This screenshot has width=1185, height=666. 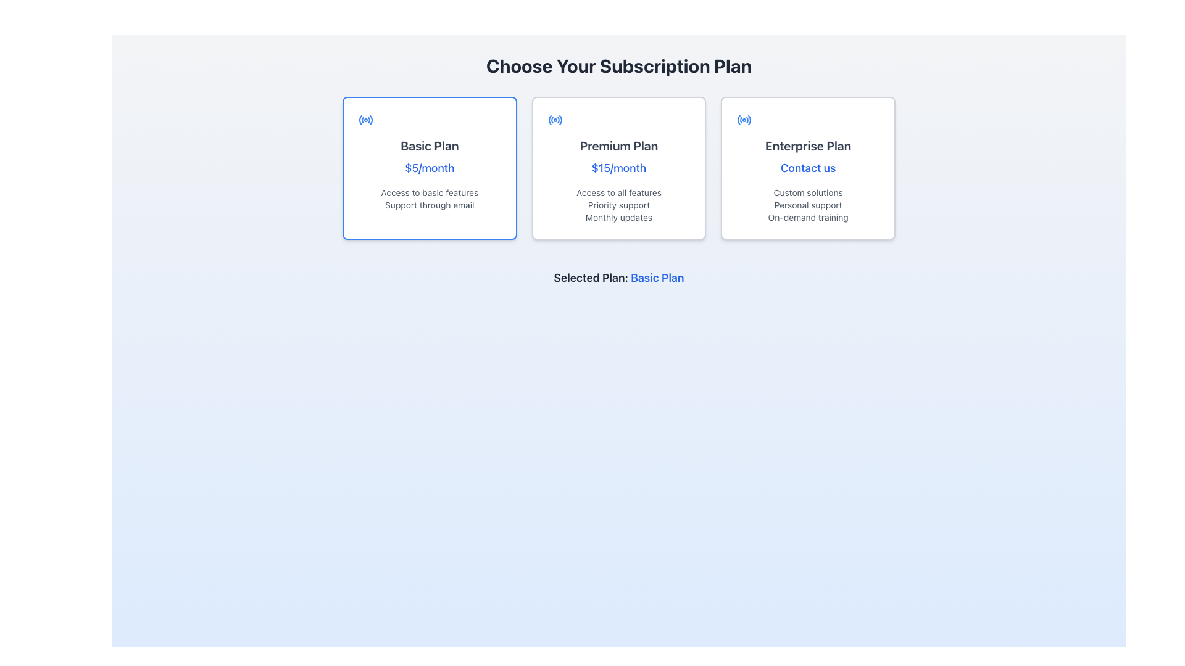 I want to click on the text label displaying 'Custom solutions' in light gray color, positioned beneath the 'Enterprise Plan' card in the subscription plan selection interface, so click(x=808, y=192).